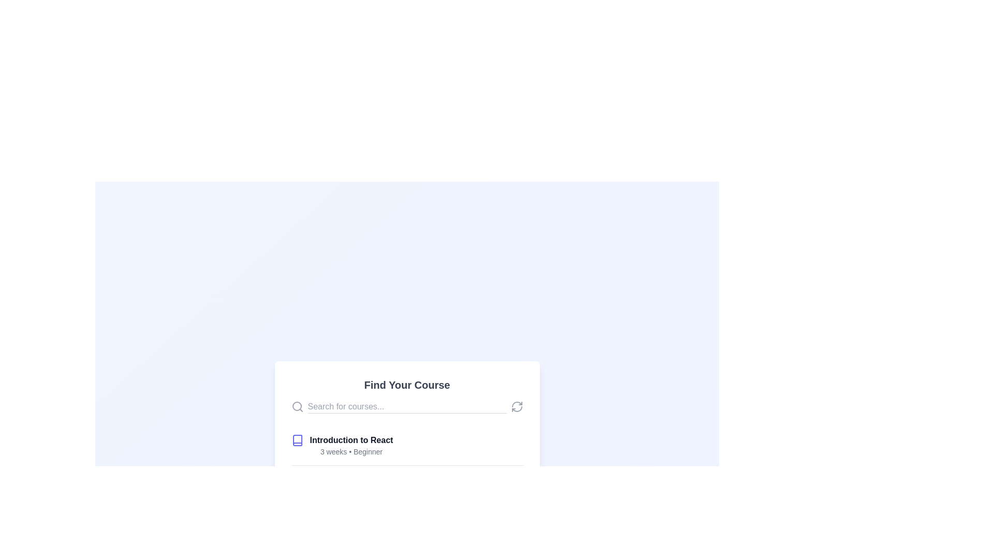  What do you see at coordinates (296, 406) in the screenshot?
I see `the minimalistic circular icon located to the left of the search bar text input field in the 'Find Your Course' header section` at bounding box center [296, 406].